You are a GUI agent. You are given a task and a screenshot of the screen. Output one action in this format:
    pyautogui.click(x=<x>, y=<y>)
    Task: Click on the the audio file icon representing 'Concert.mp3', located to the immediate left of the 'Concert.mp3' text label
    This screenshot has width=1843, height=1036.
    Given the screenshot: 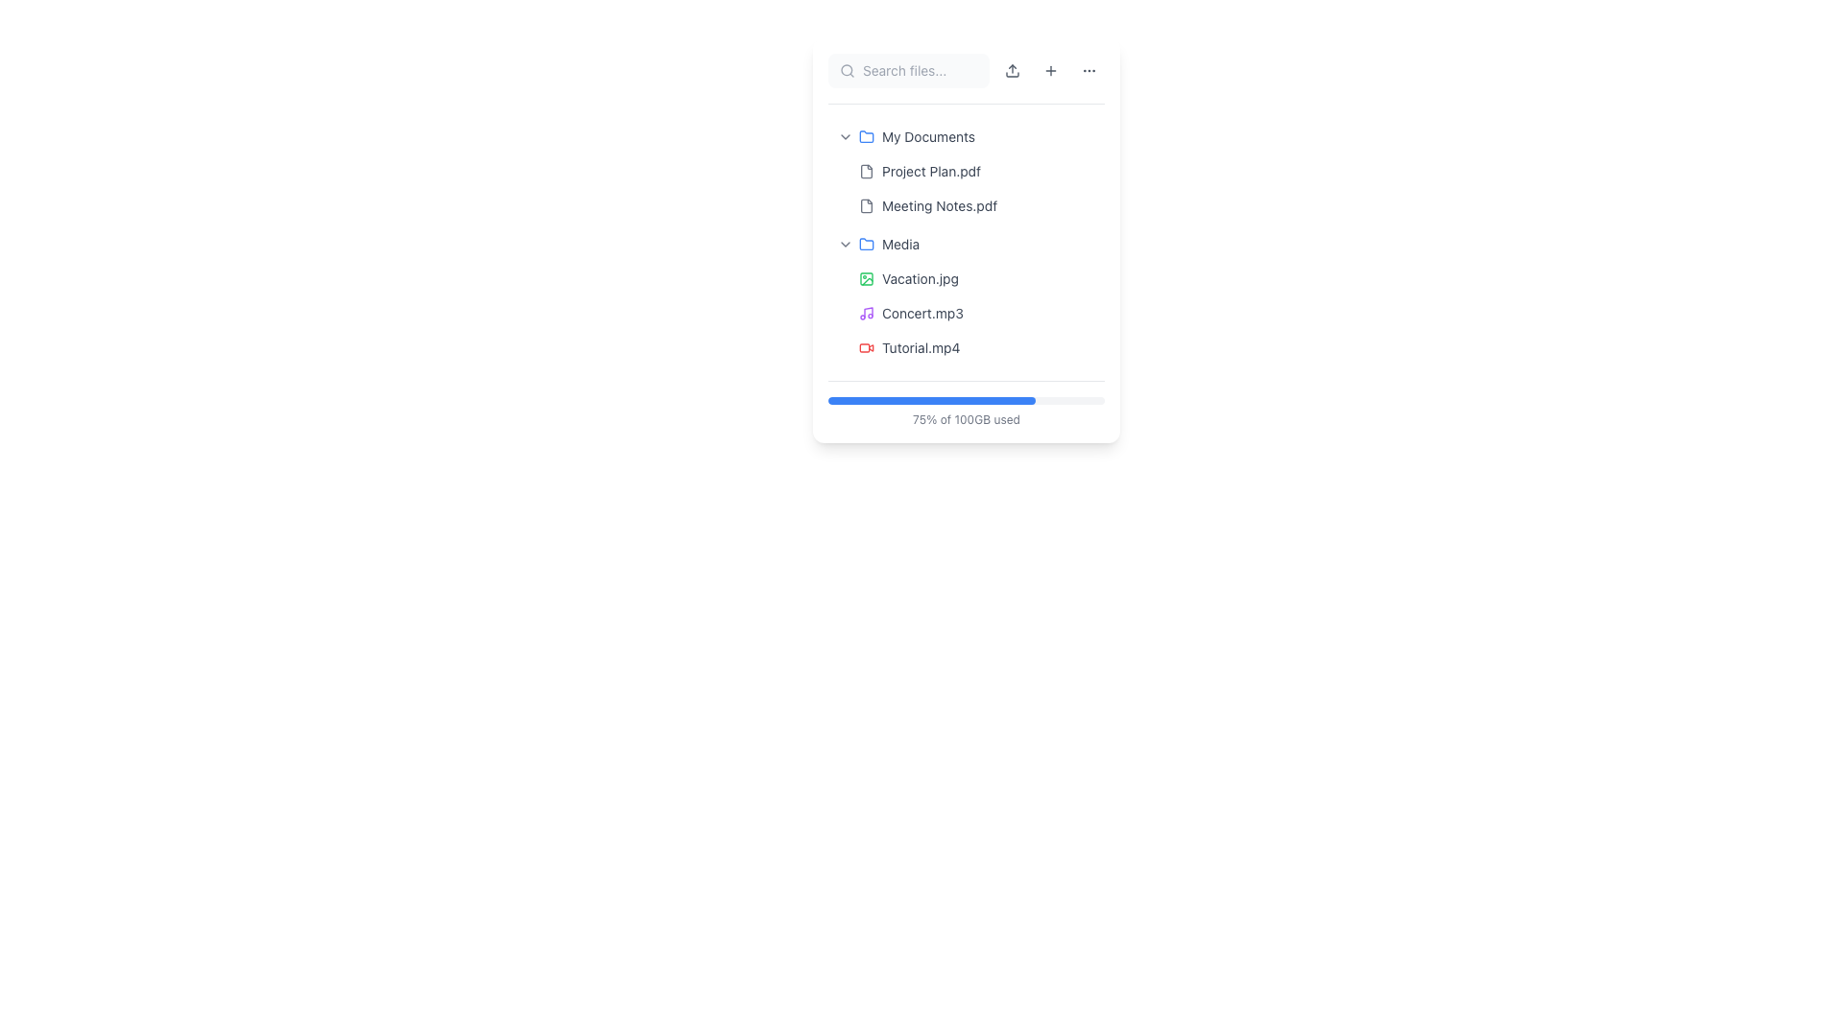 What is the action you would take?
    pyautogui.click(x=865, y=313)
    